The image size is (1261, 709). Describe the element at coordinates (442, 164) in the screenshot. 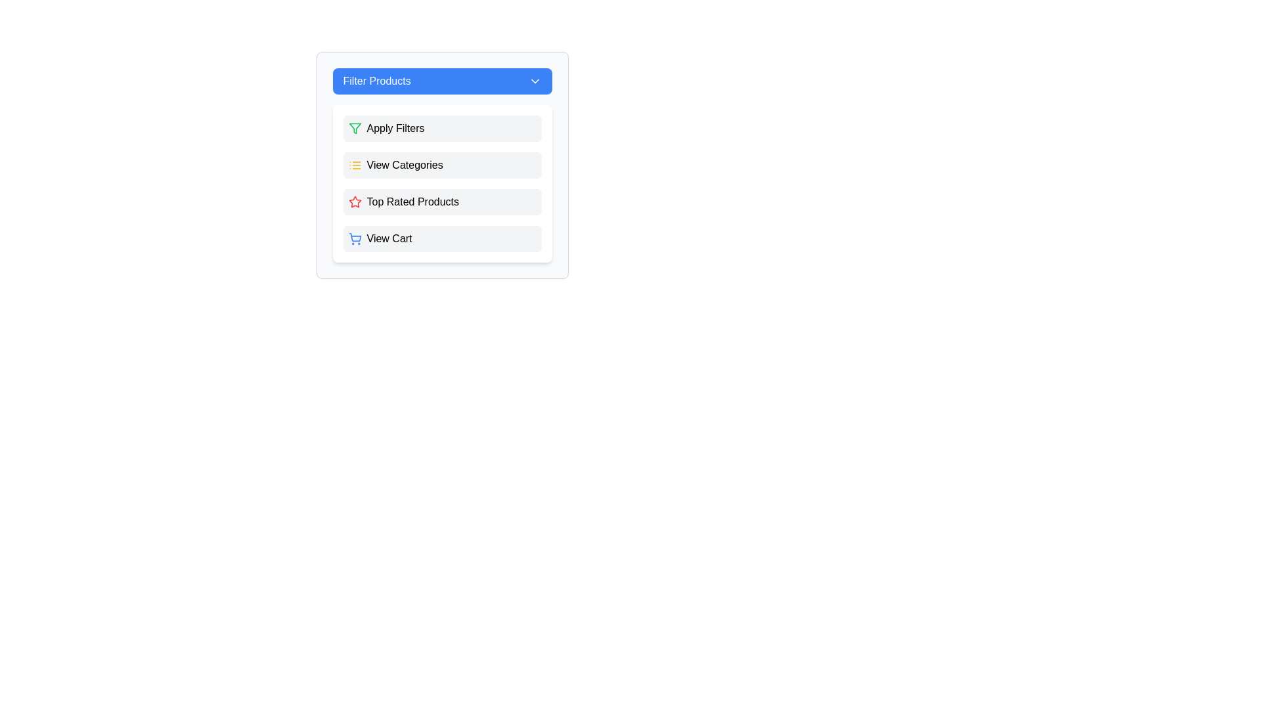

I see `the 'View Categories' button, which is the second item in the vertical list of options inside a card UI, located below the 'Apply Filters' option and above the 'Top Rated Products' option` at that location.